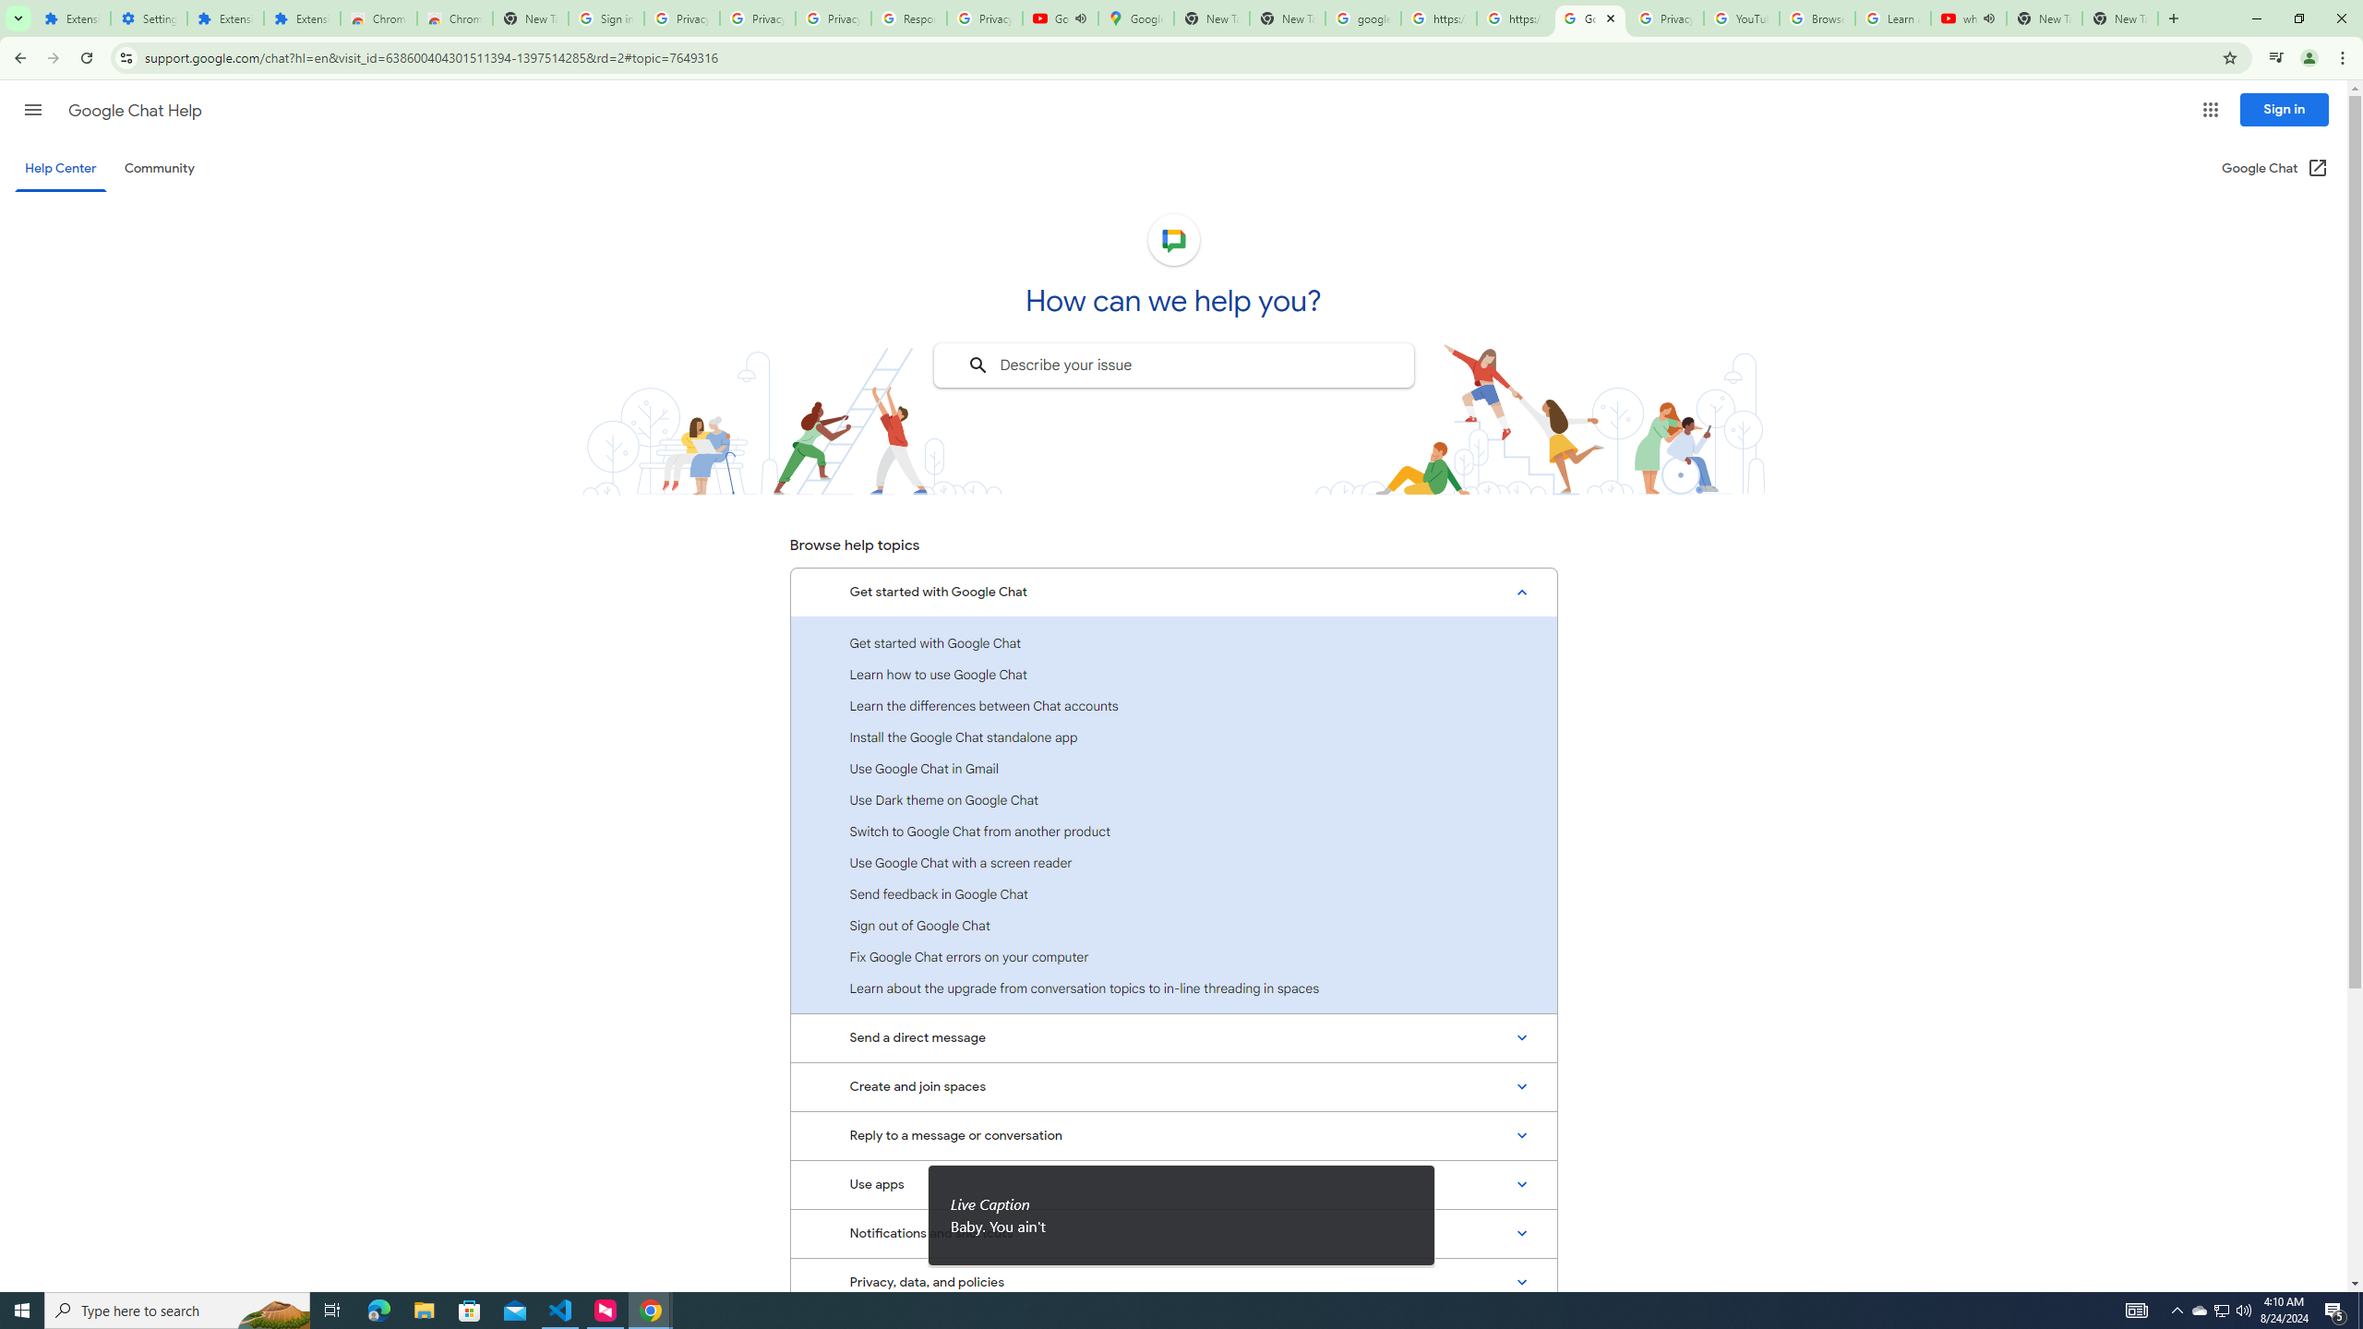 This screenshot has width=2363, height=1329. I want to click on 'Google Chat Help', so click(133, 110).